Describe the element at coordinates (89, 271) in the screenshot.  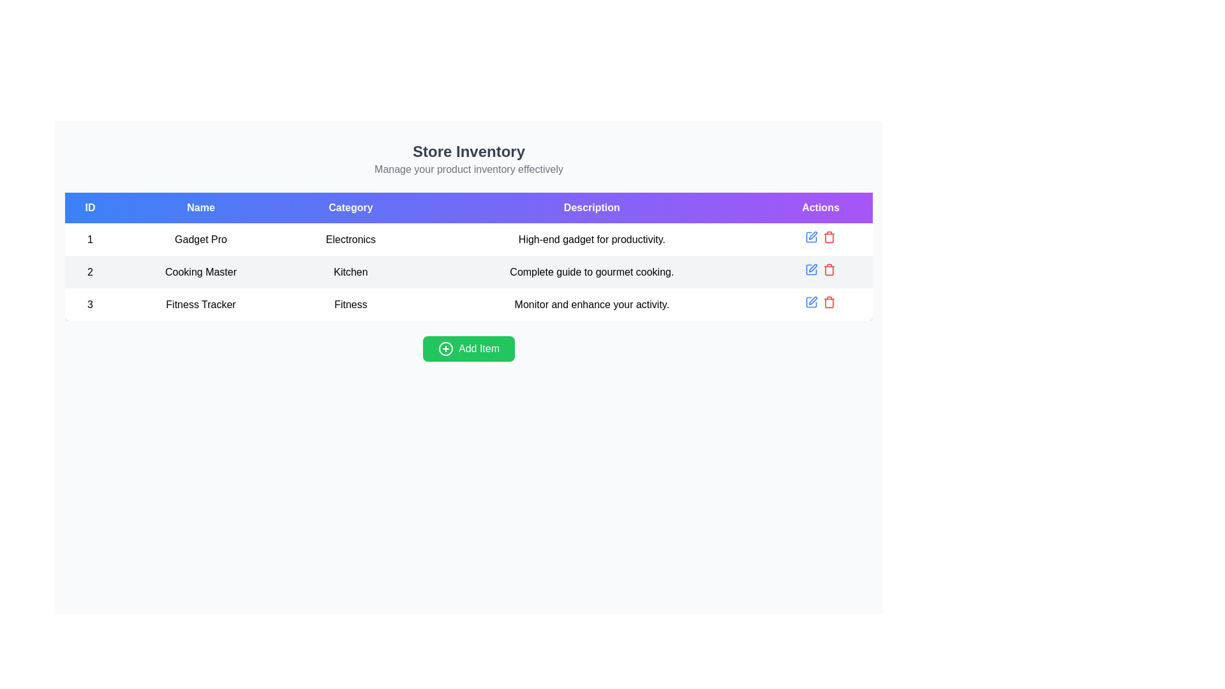
I see `text of the Text label displaying the numeral '2' in black text, located in the second row of the table under the 'ID' column` at that location.